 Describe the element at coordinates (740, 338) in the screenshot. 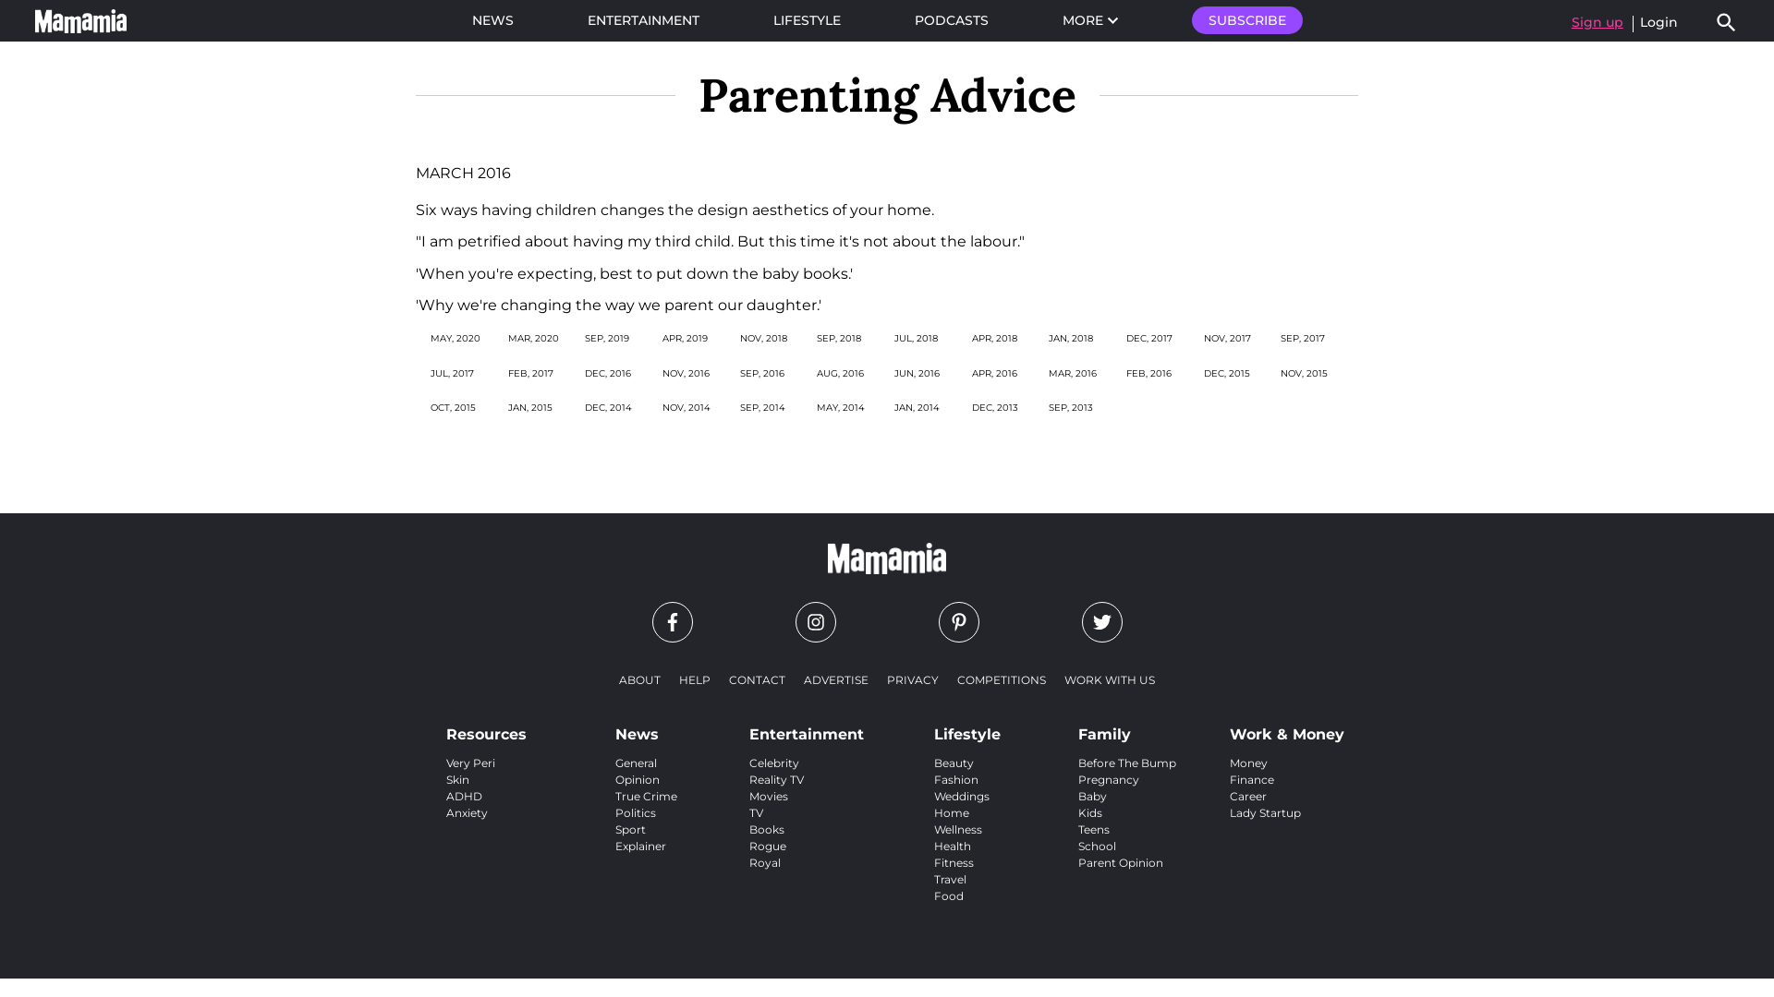

I see `'NOV, 2018'` at that location.